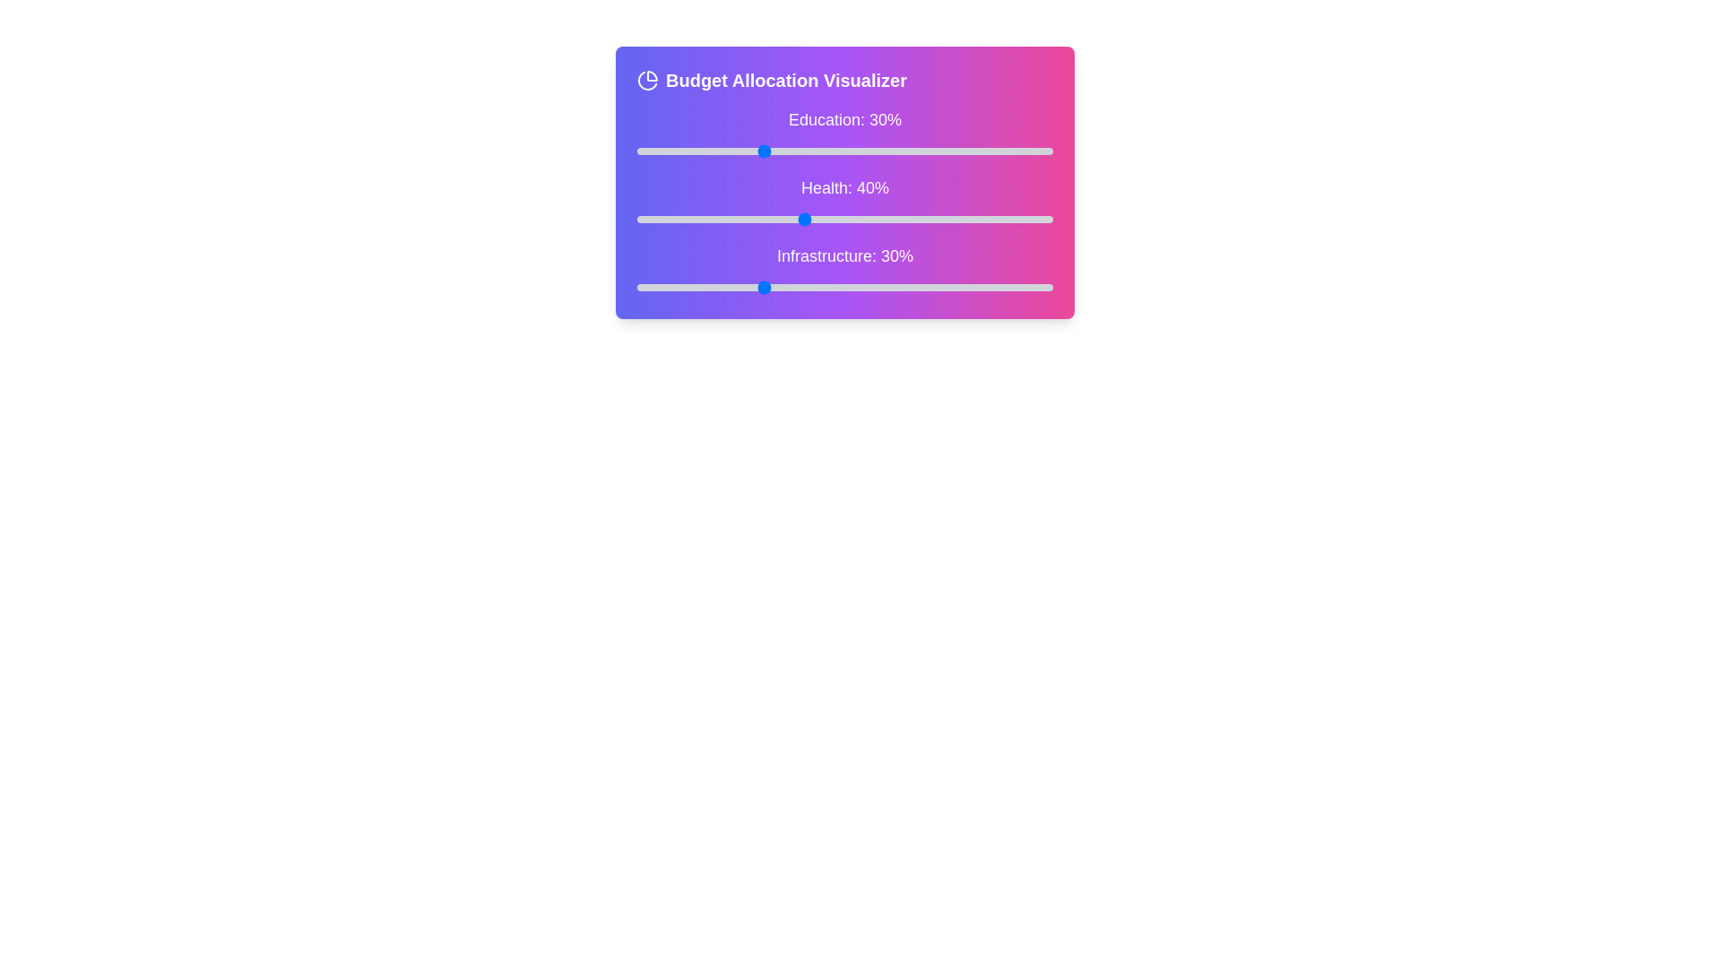  Describe the element at coordinates (843, 270) in the screenshot. I see `the 'Infrastructure: 30%' label or the slider below it to interact with the slider element` at that location.